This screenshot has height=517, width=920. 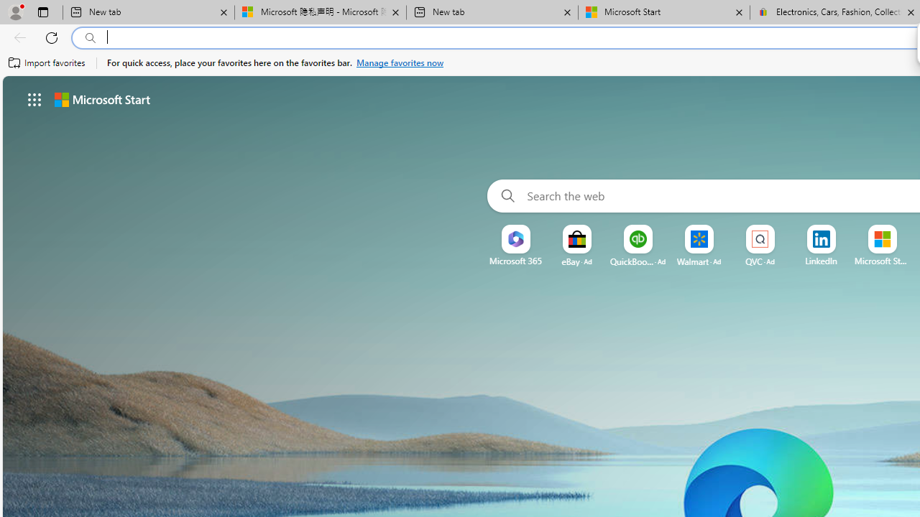 What do you see at coordinates (90, 37) in the screenshot?
I see `'Search icon'` at bounding box center [90, 37].